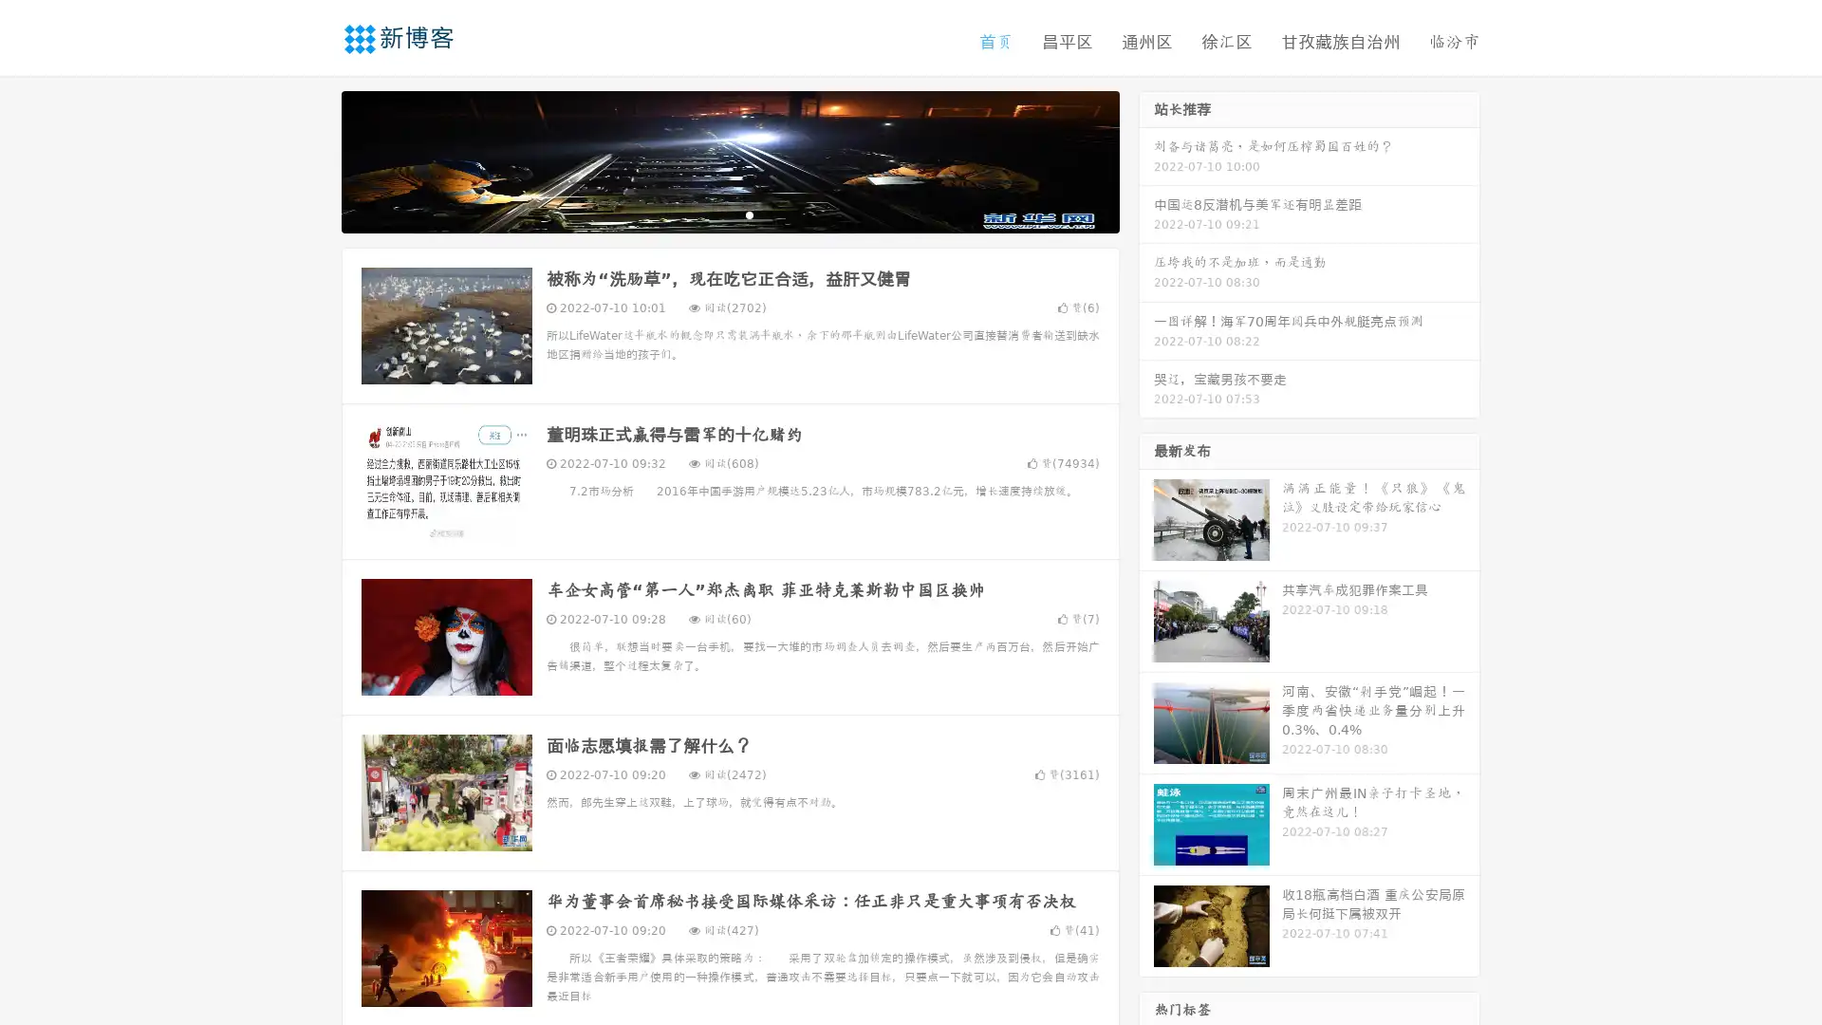 The image size is (1822, 1025). I want to click on Previous slide, so click(313, 159).